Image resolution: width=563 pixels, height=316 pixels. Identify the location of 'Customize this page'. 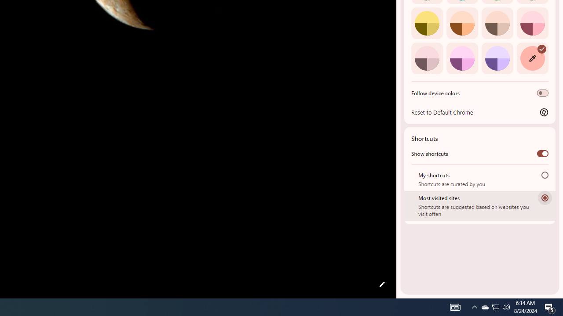
(382, 284).